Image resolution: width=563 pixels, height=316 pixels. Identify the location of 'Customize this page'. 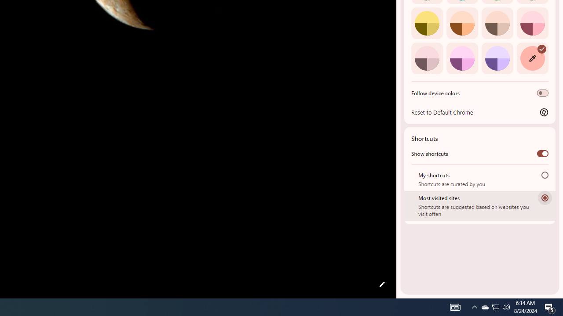
(382, 284).